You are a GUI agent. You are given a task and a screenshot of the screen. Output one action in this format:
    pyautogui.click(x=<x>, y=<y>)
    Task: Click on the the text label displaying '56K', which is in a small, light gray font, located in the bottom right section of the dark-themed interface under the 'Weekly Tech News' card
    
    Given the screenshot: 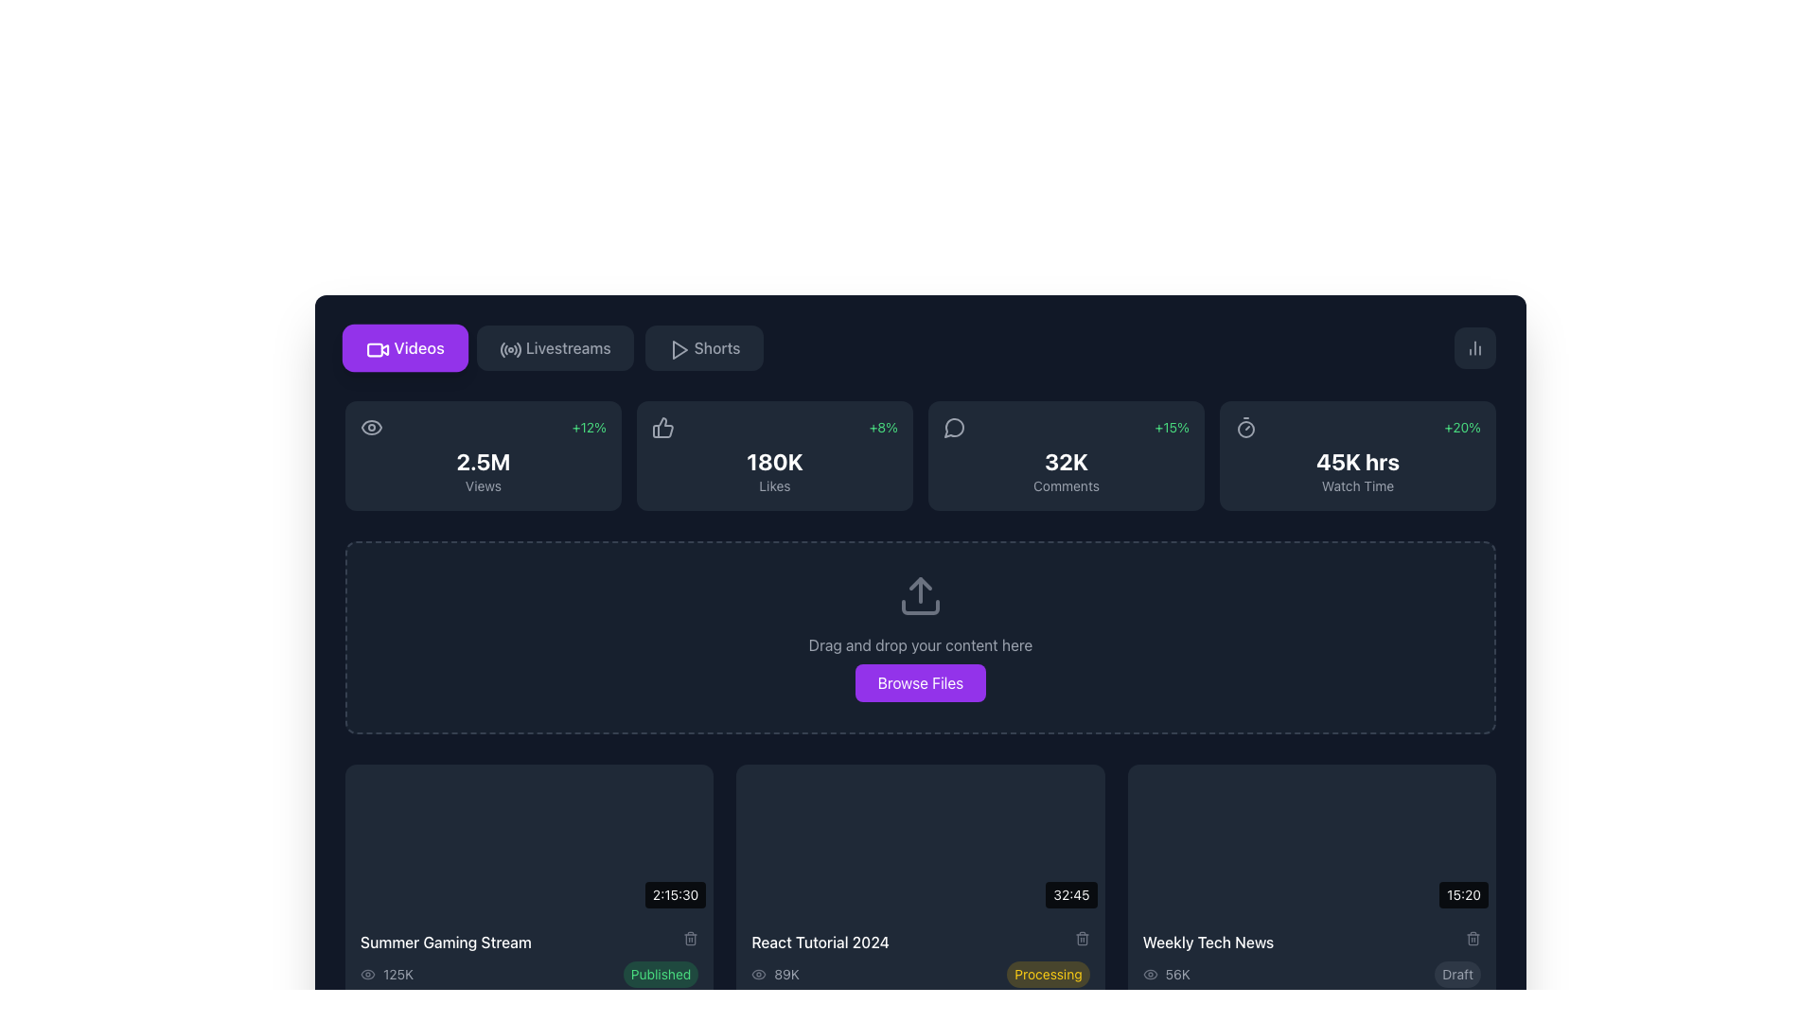 What is the action you would take?
    pyautogui.click(x=1176, y=974)
    